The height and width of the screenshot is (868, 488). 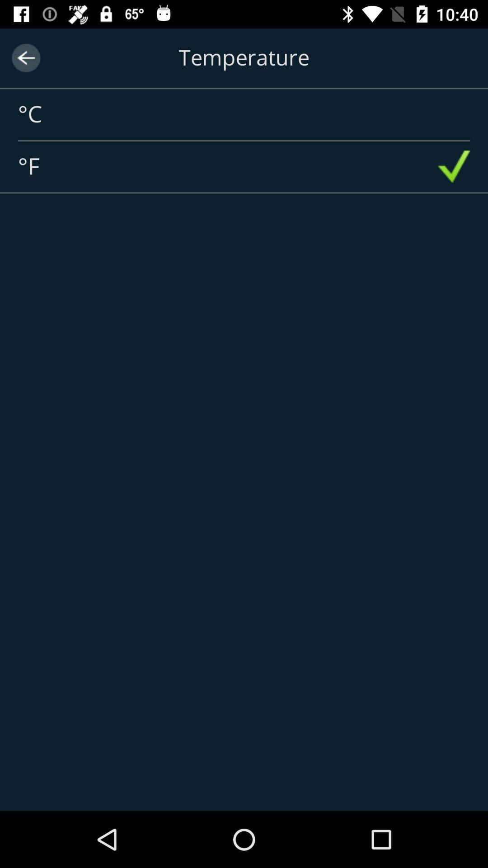 What do you see at coordinates (25, 57) in the screenshot?
I see `the arrow_backward icon` at bounding box center [25, 57].